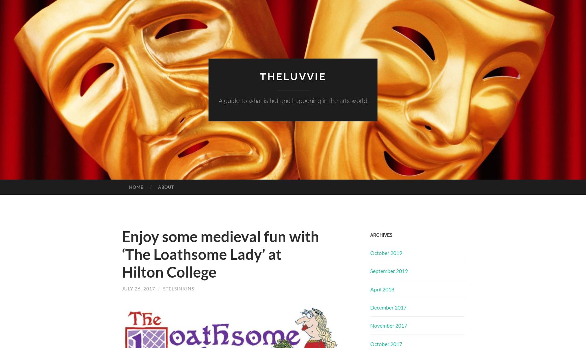 This screenshot has width=586, height=348. I want to click on 'April 2018', so click(382, 288).